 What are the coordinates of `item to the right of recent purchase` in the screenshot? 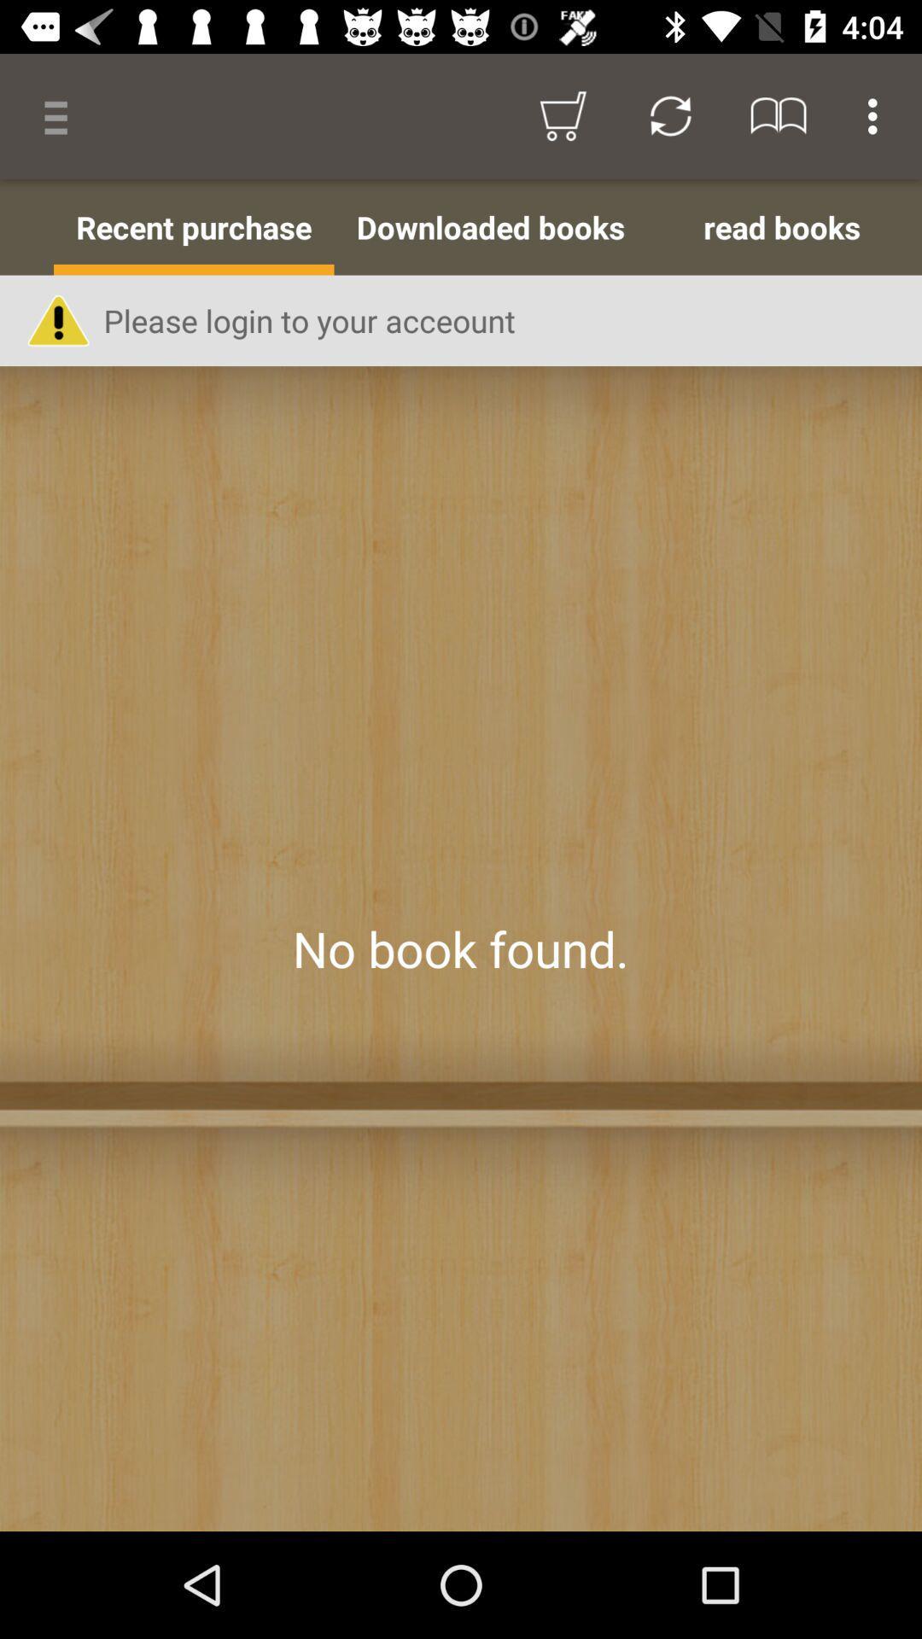 It's located at (490, 226).